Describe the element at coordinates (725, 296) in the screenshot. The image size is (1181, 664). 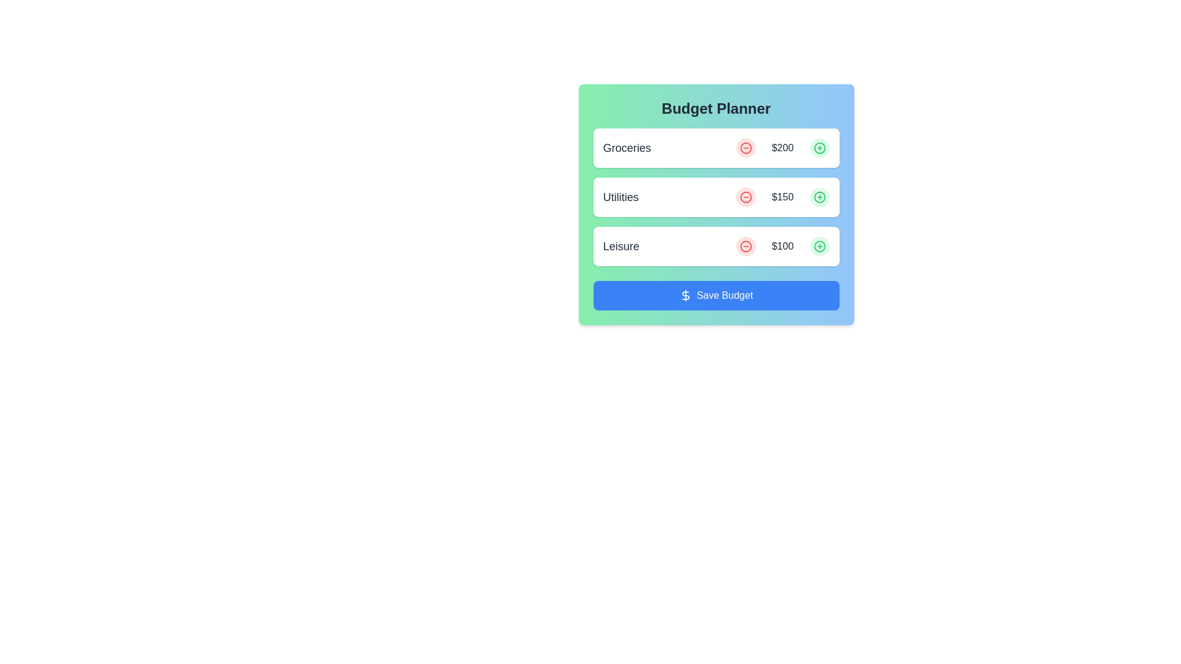
I see `the 'Save Budget' text label within the button located at the bottom of the card-like section in the center of the interface` at that location.